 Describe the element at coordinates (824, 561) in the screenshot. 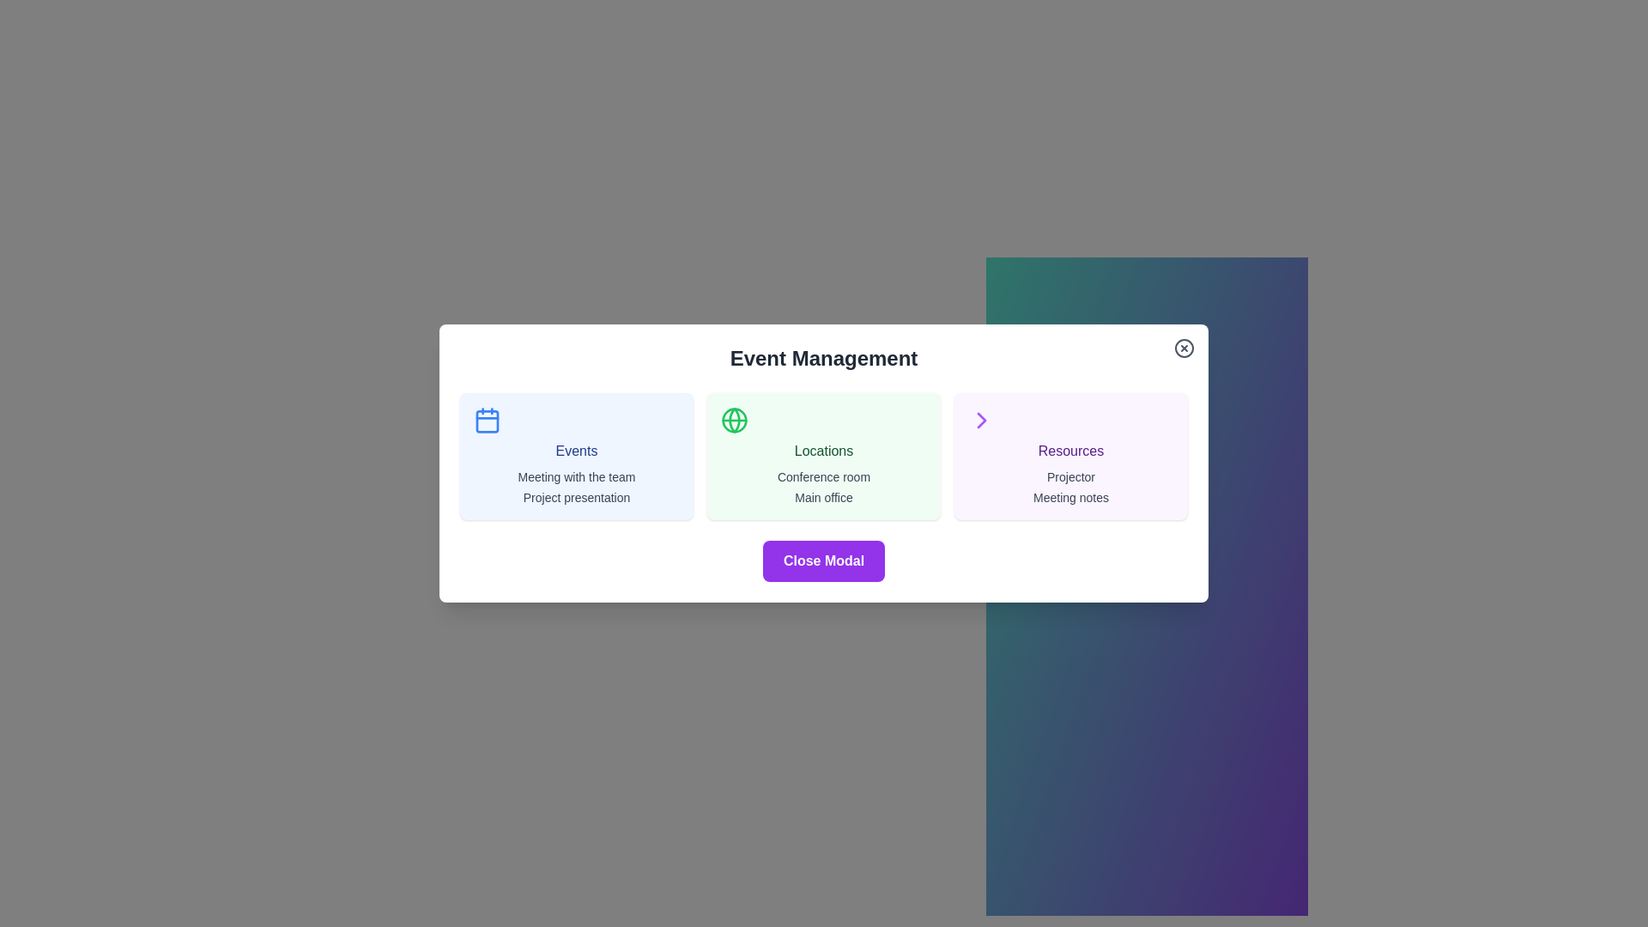

I see `the button that closes the modal window to observe any hover state changes` at that location.